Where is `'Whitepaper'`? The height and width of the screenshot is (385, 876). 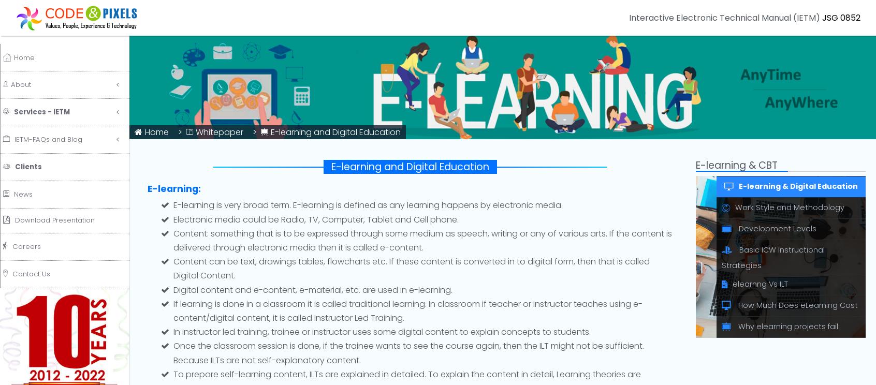
'Whitepaper' is located at coordinates (219, 132).